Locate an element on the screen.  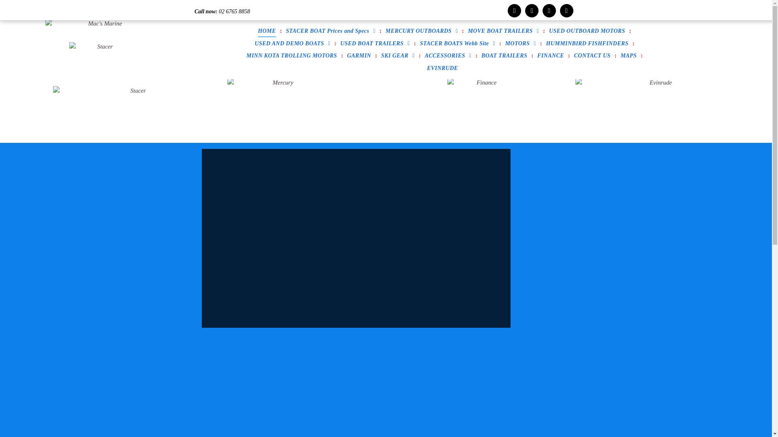
'STACER BOATS Webb Site' is located at coordinates (457, 43).